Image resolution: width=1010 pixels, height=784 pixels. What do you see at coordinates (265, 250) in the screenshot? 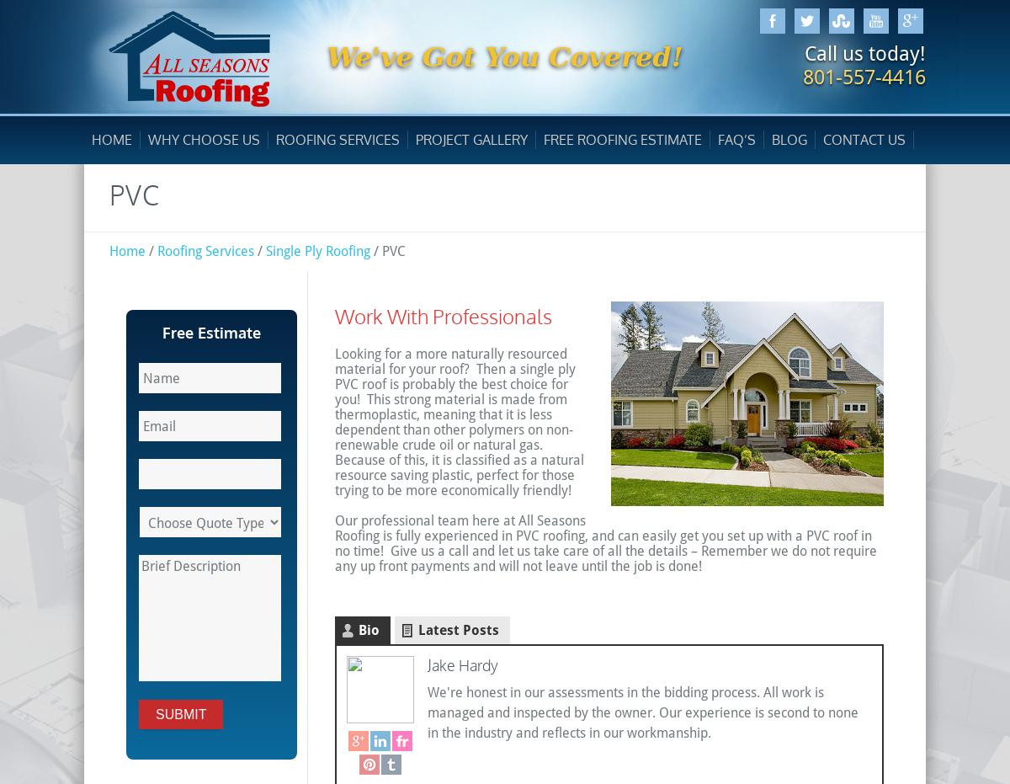
I see `'Single Ply Roofing'` at bounding box center [265, 250].